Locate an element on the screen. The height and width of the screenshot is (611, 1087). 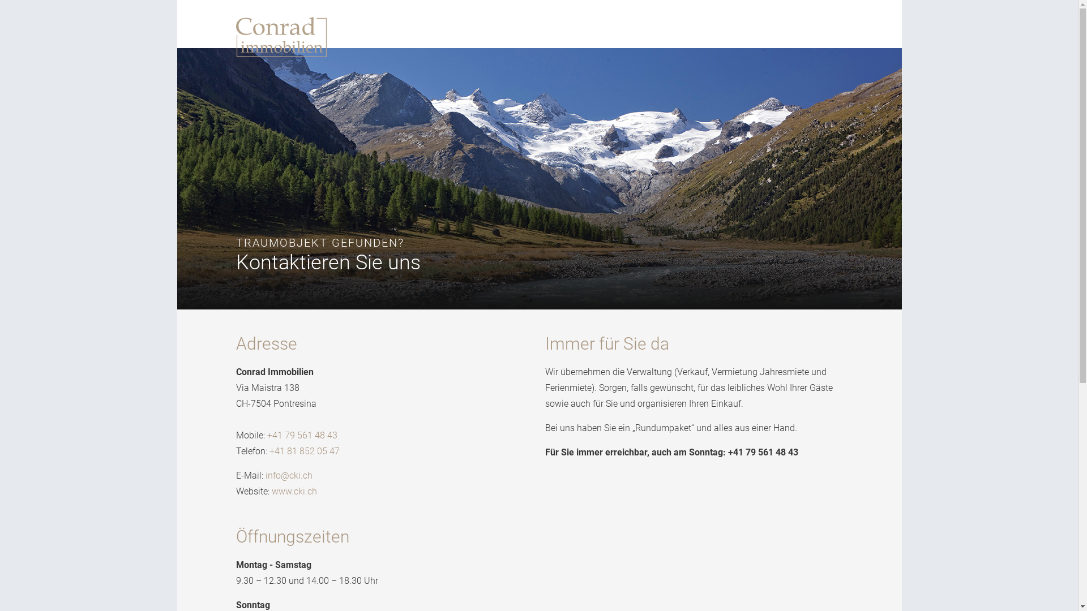
'www.cki.ch' is located at coordinates (294, 490).